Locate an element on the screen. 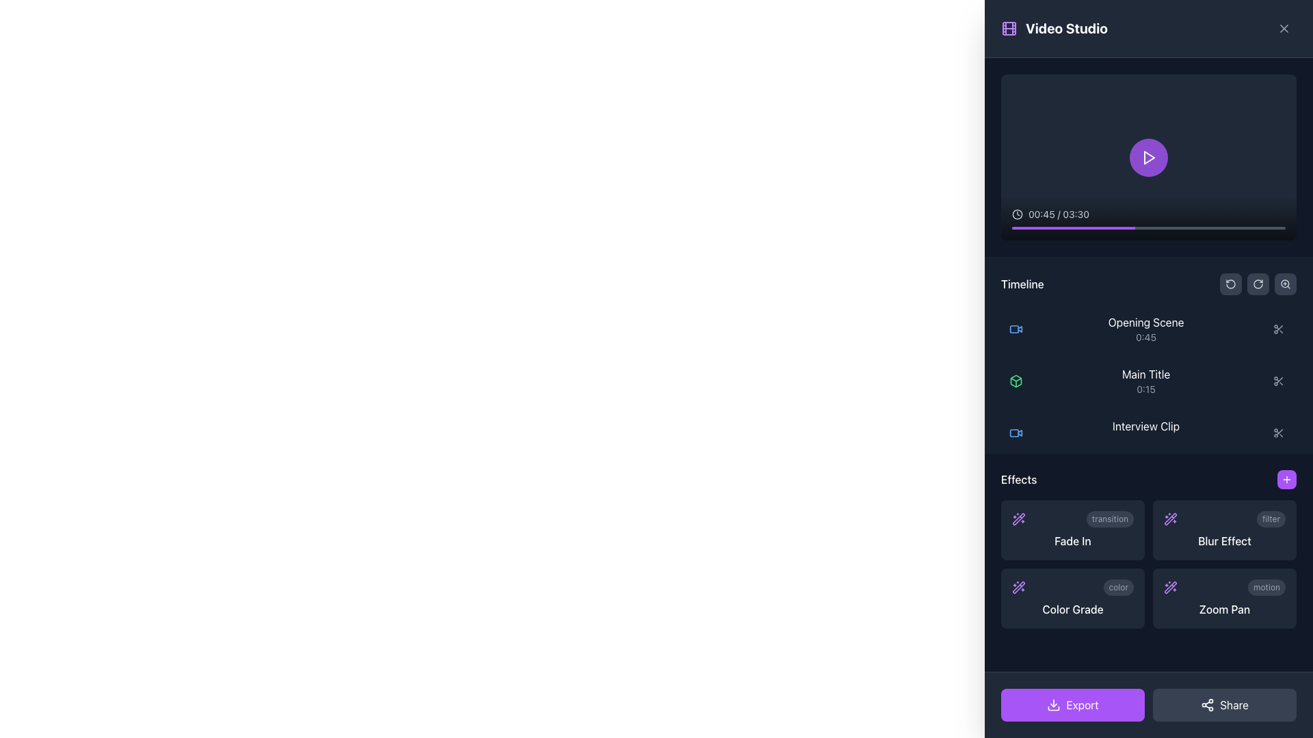  the Text Label with Icon located at the top-left region of the section, which serves as a branding label indicating the content type is located at coordinates (1053, 29).